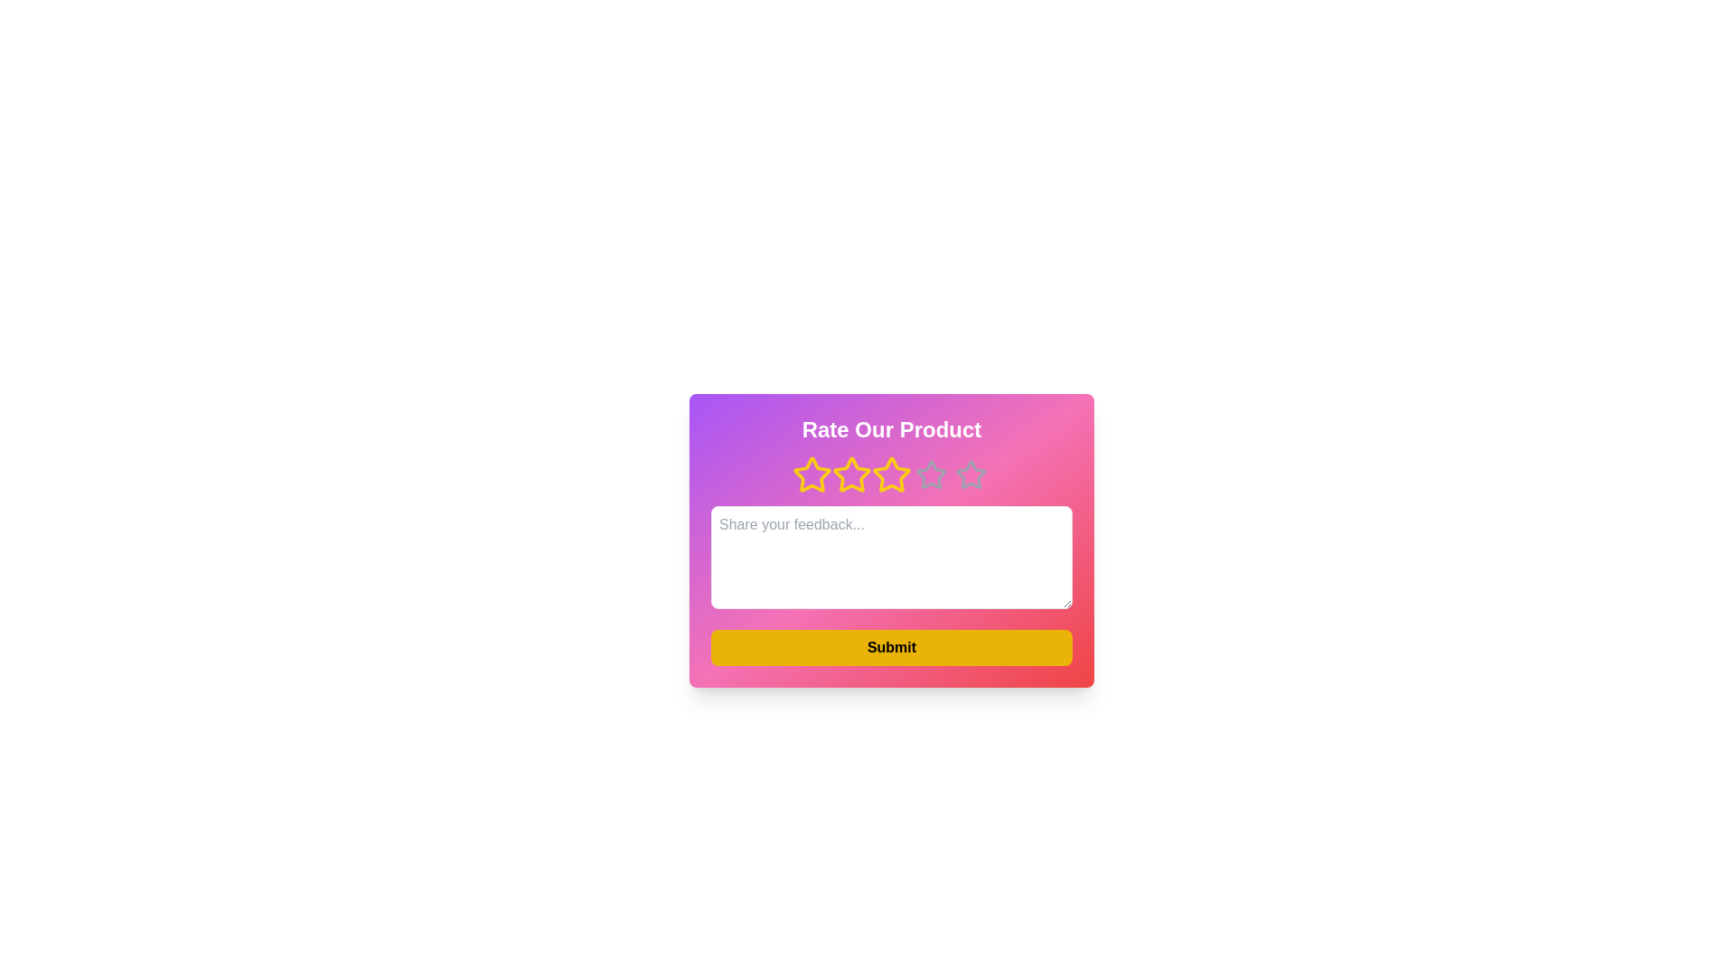  Describe the element at coordinates (932, 474) in the screenshot. I see `the fourth star-shaped rating icon outlined in light gray` at that location.